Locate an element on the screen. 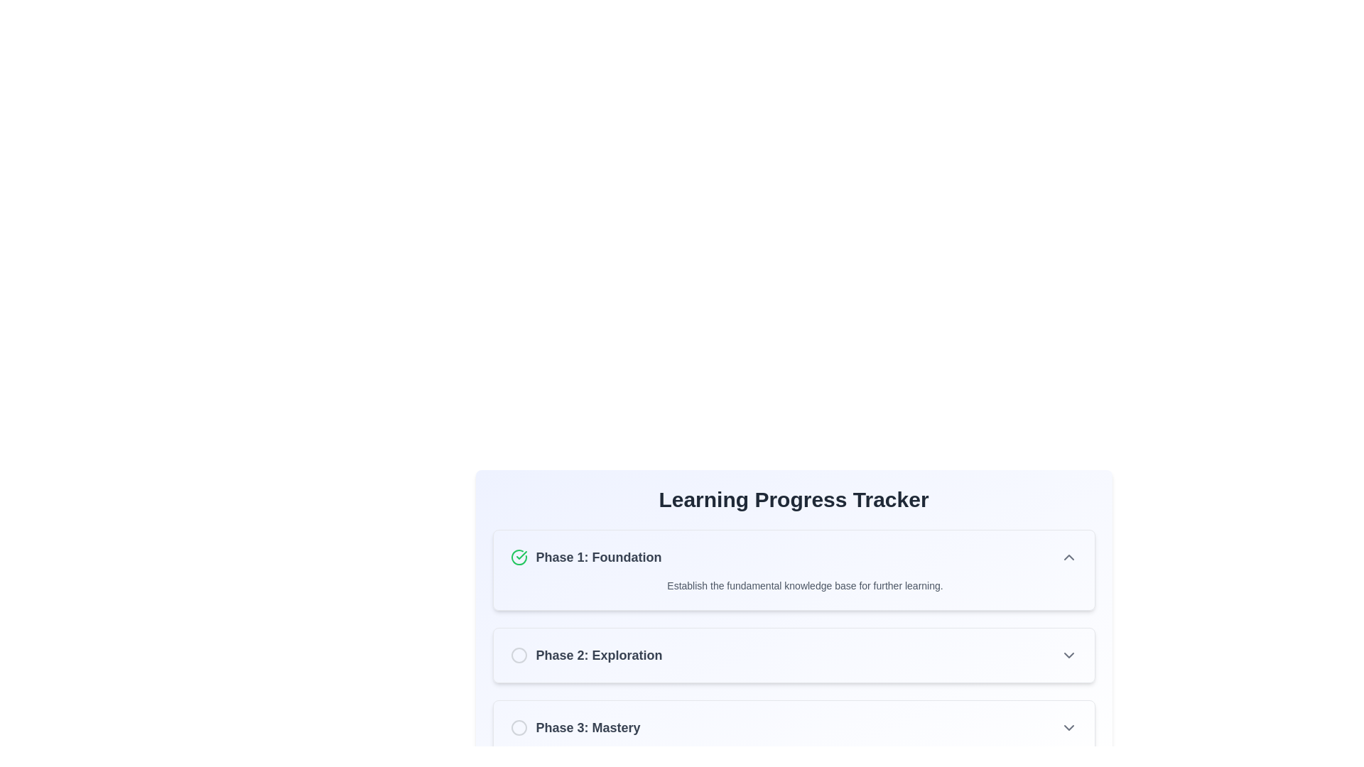  the Collapsible section of the Learning Progress Tracker is located at coordinates (793, 569).